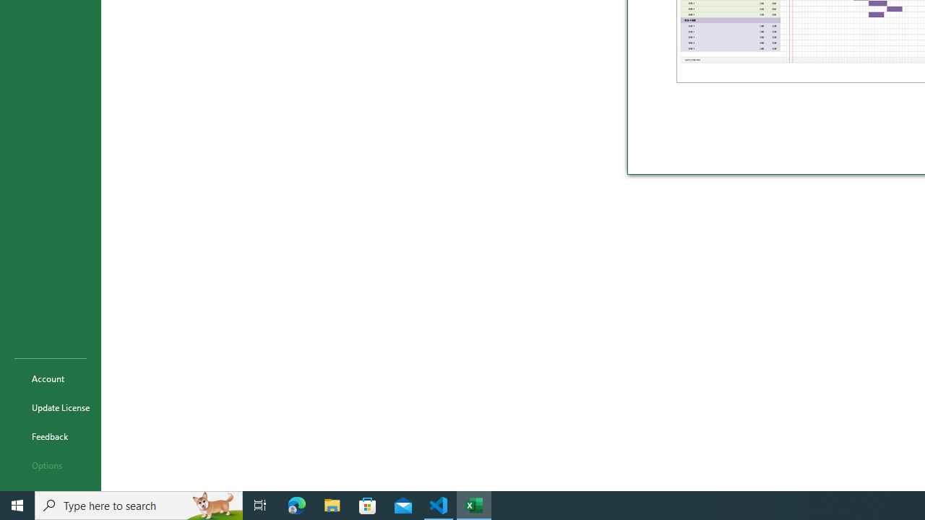 The height and width of the screenshot is (520, 925). What do you see at coordinates (50, 465) in the screenshot?
I see `'Options'` at bounding box center [50, 465].